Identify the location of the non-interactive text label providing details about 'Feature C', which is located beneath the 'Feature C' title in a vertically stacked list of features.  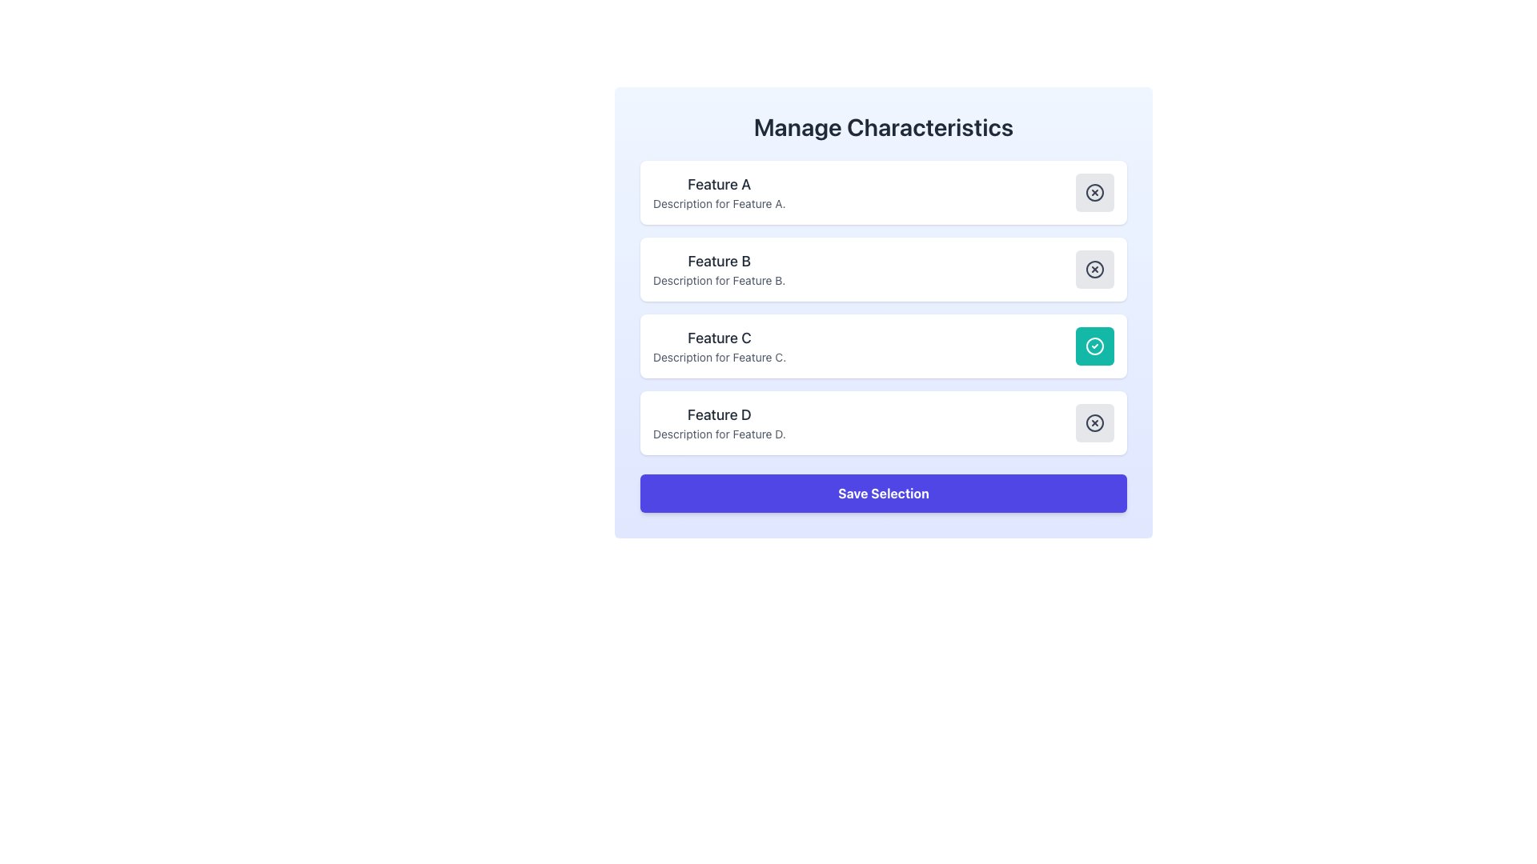
(719, 357).